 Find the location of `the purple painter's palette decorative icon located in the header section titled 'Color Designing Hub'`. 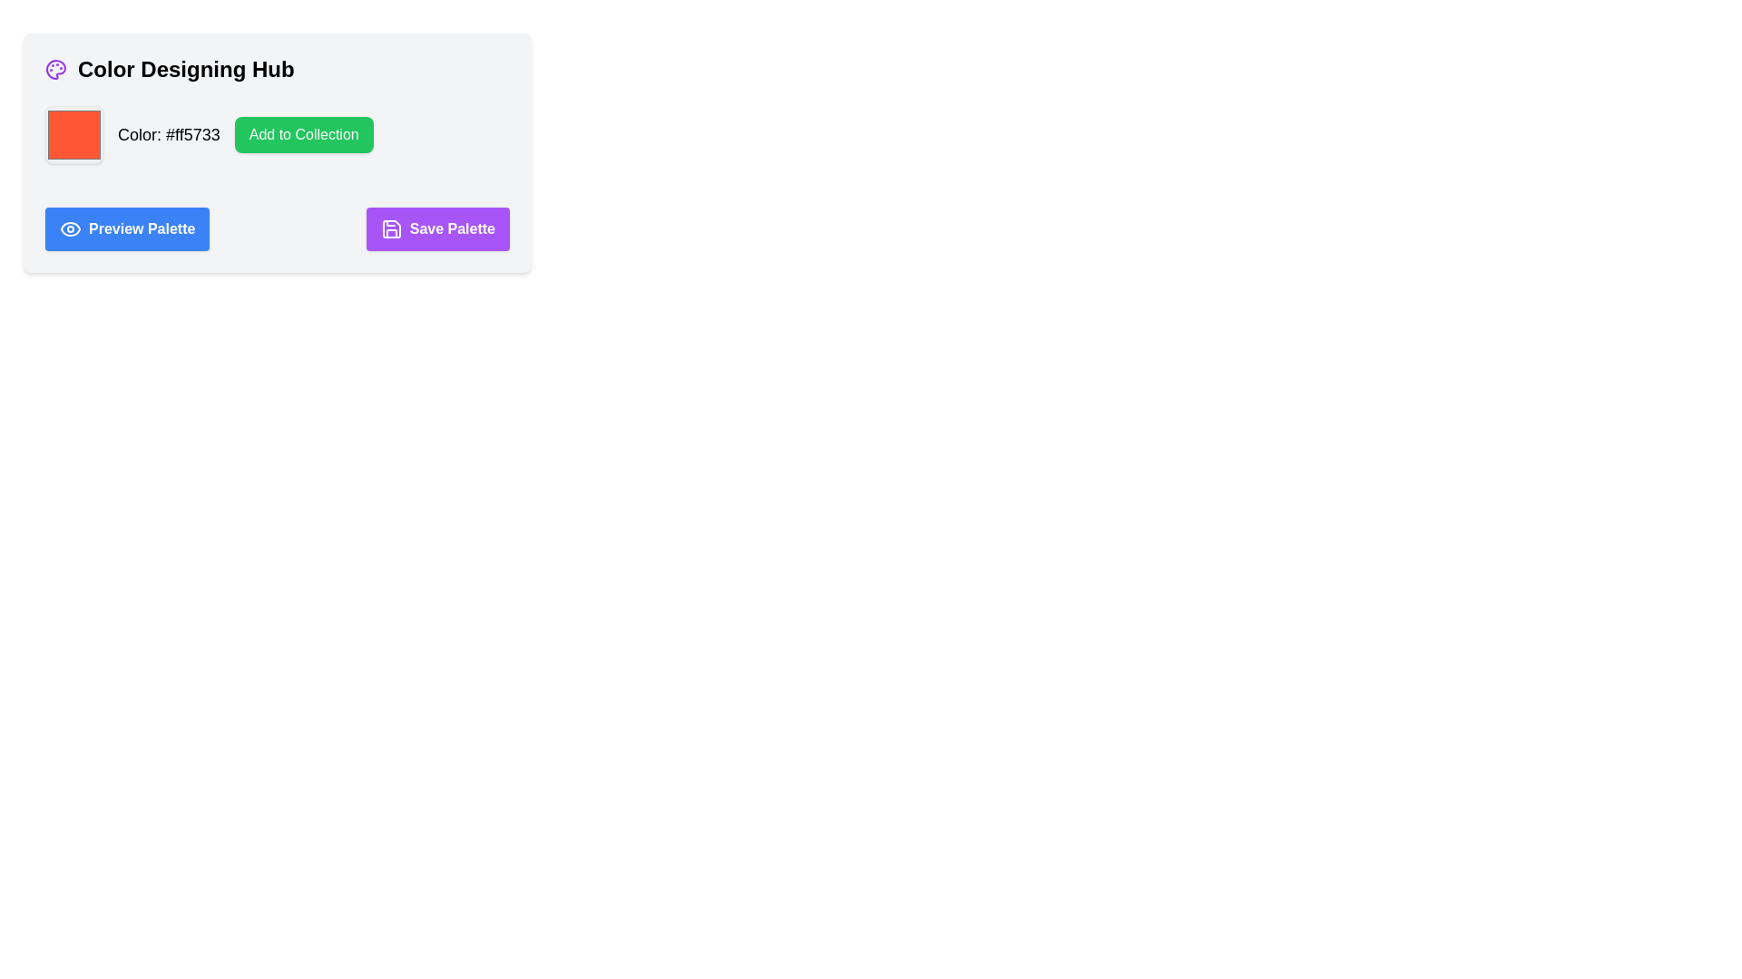

the purple painter's palette decorative icon located in the header section titled 'Color Designing Hub' is located at coordinates (56, 69).